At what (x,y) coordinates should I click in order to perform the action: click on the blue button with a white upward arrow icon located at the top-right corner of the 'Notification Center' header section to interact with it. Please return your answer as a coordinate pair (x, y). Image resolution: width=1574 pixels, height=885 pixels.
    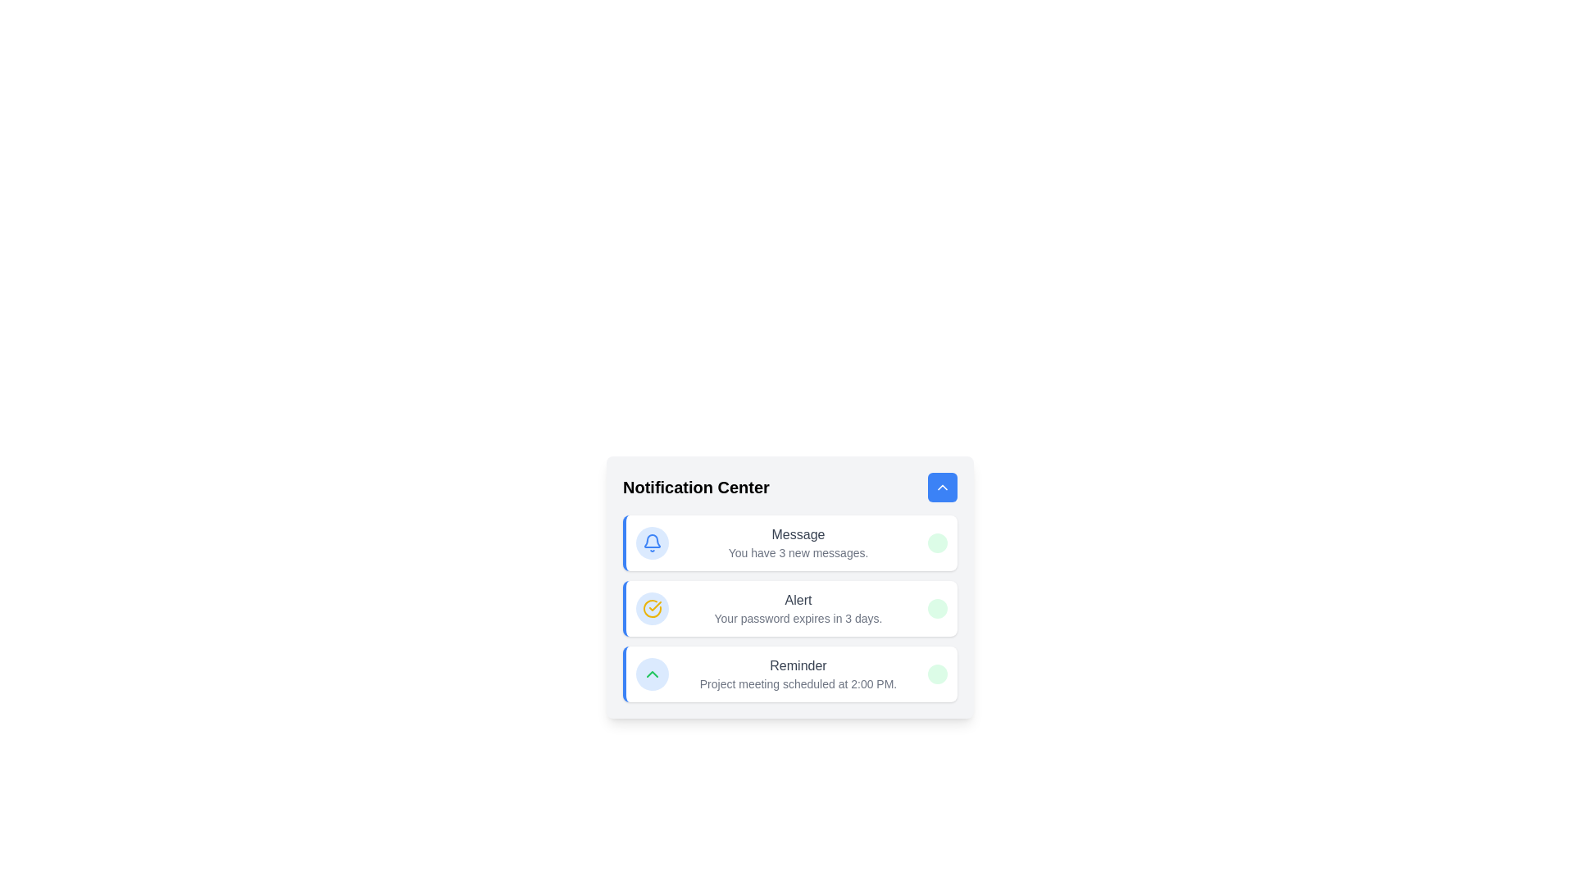
    Looking at the image, I should click on (943, 486).